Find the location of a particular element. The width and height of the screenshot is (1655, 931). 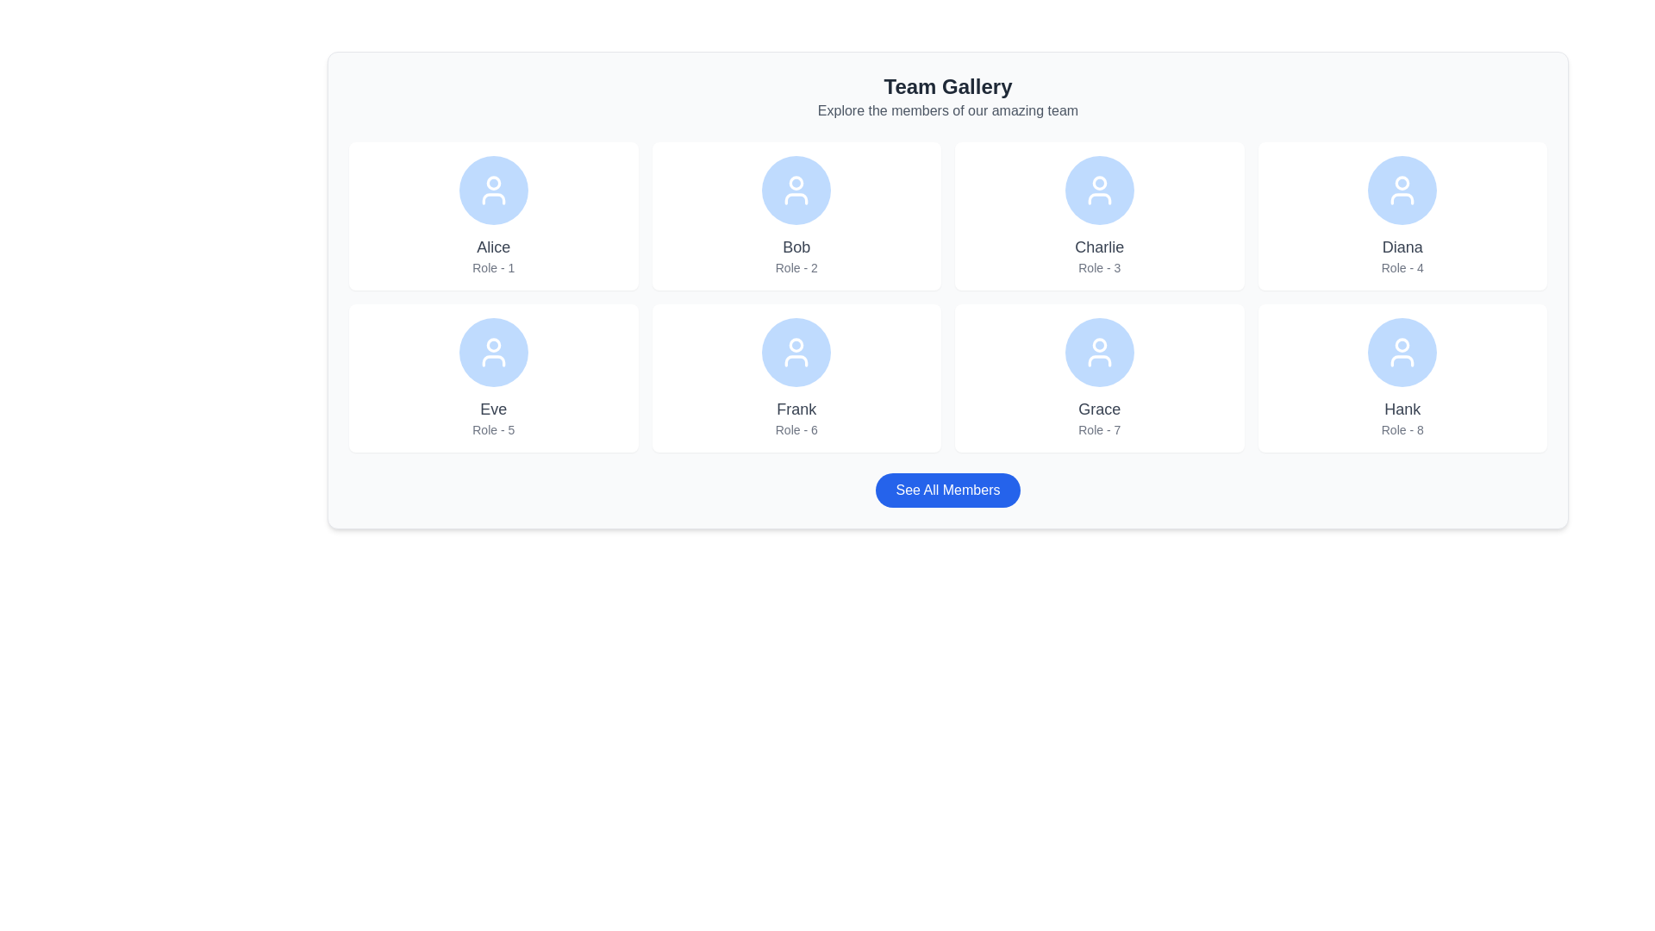

the text label displaying 'Role - 6' for the individual 'Frank', which is positioned below 'Frank' and centered within his card is located at coordinates (796, 428).